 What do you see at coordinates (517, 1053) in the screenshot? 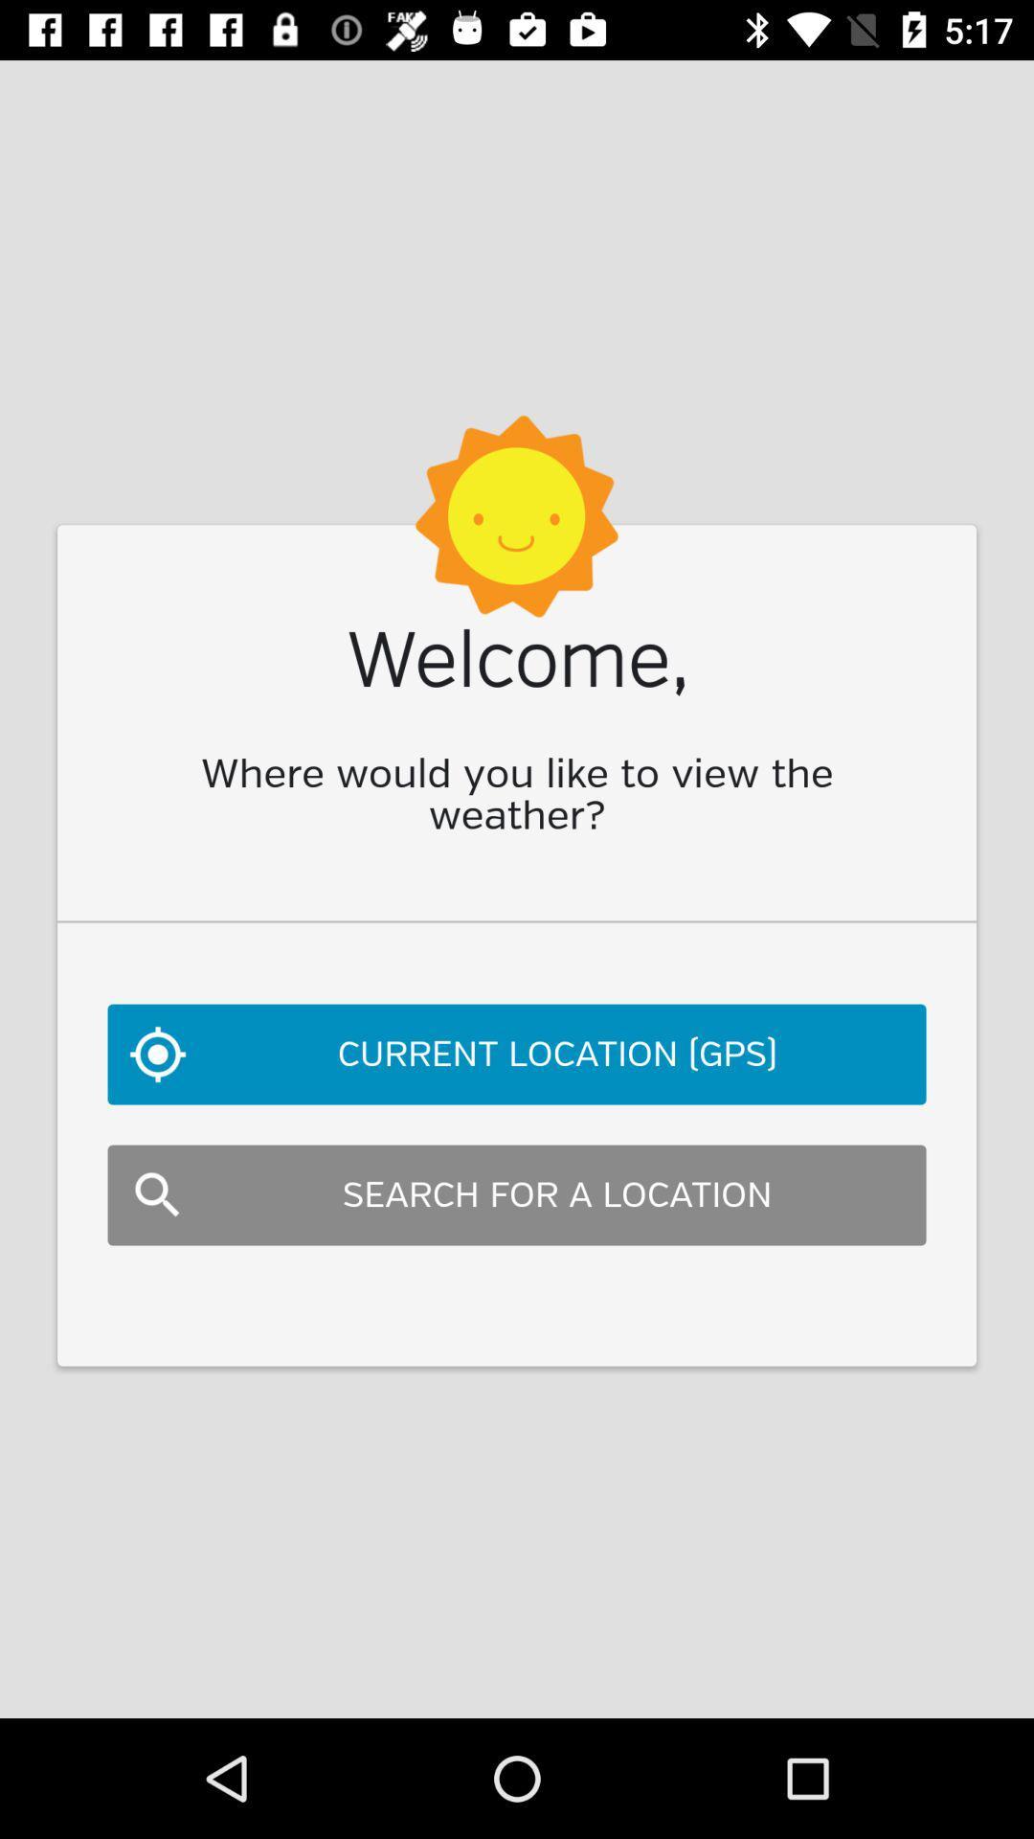
I see `current location (gps) icon` at bounding box center [517, 1053].